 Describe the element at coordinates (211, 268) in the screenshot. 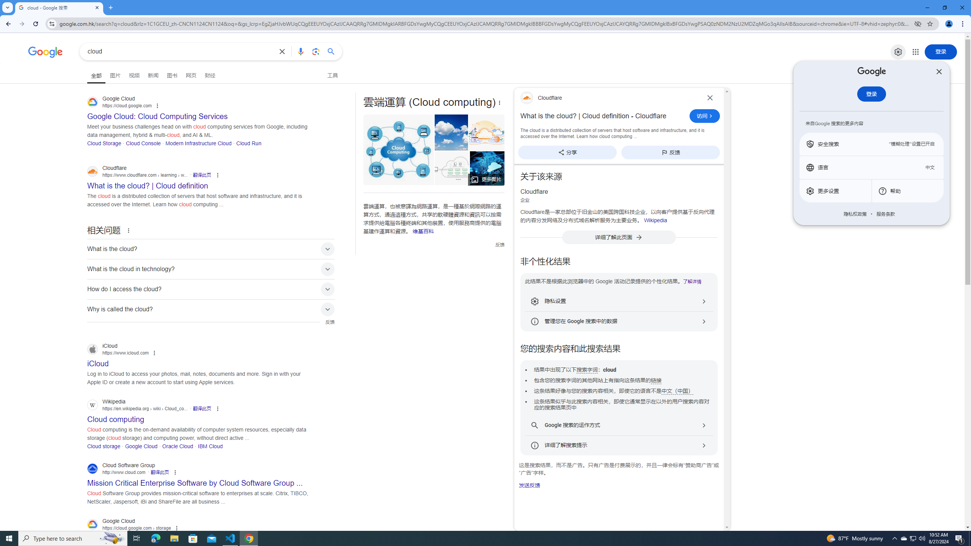

I see `'What is the cloud in technology?'` at that location.